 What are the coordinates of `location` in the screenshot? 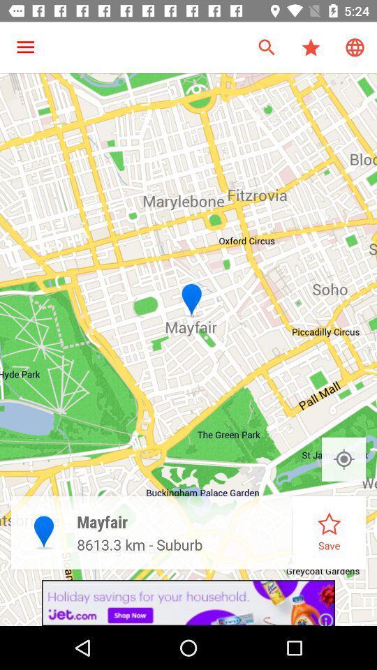 It's located at (343, 459).